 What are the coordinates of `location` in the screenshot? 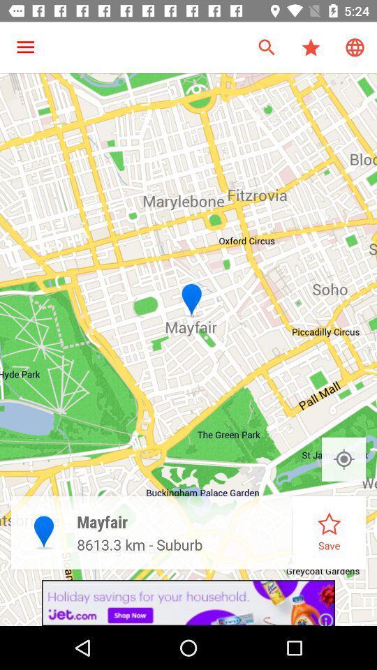 It's located at (343, 459).